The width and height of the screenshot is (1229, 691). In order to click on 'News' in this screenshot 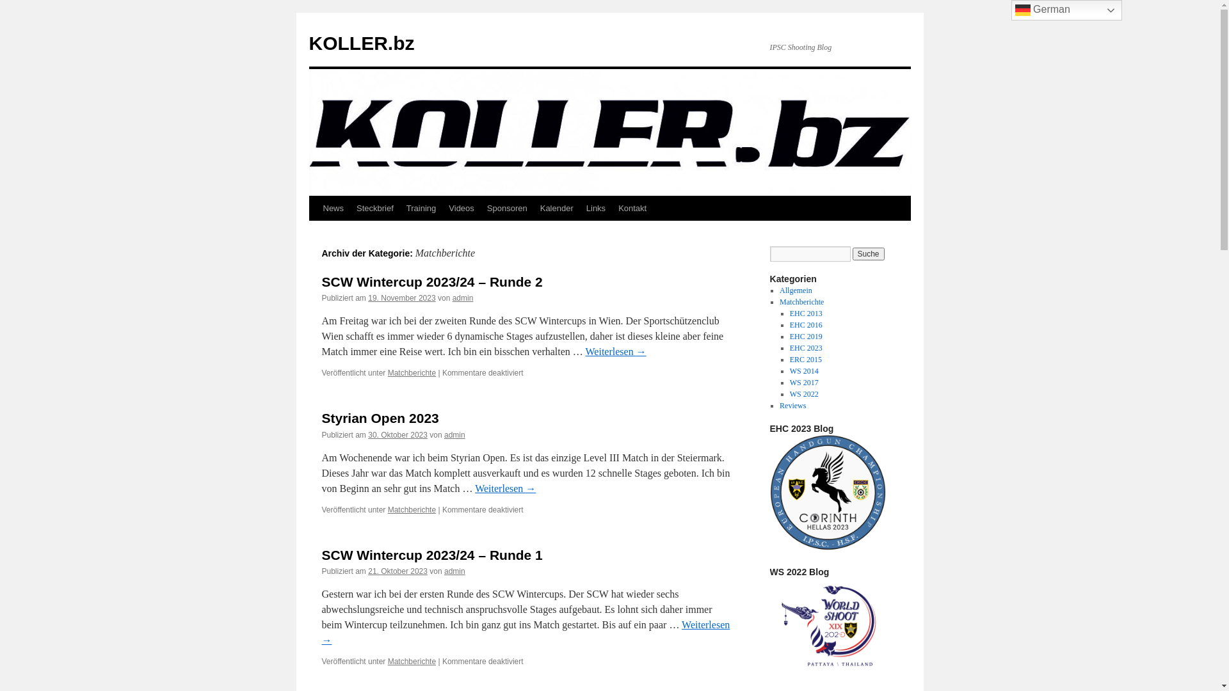, I will do `click(333, 208)`.